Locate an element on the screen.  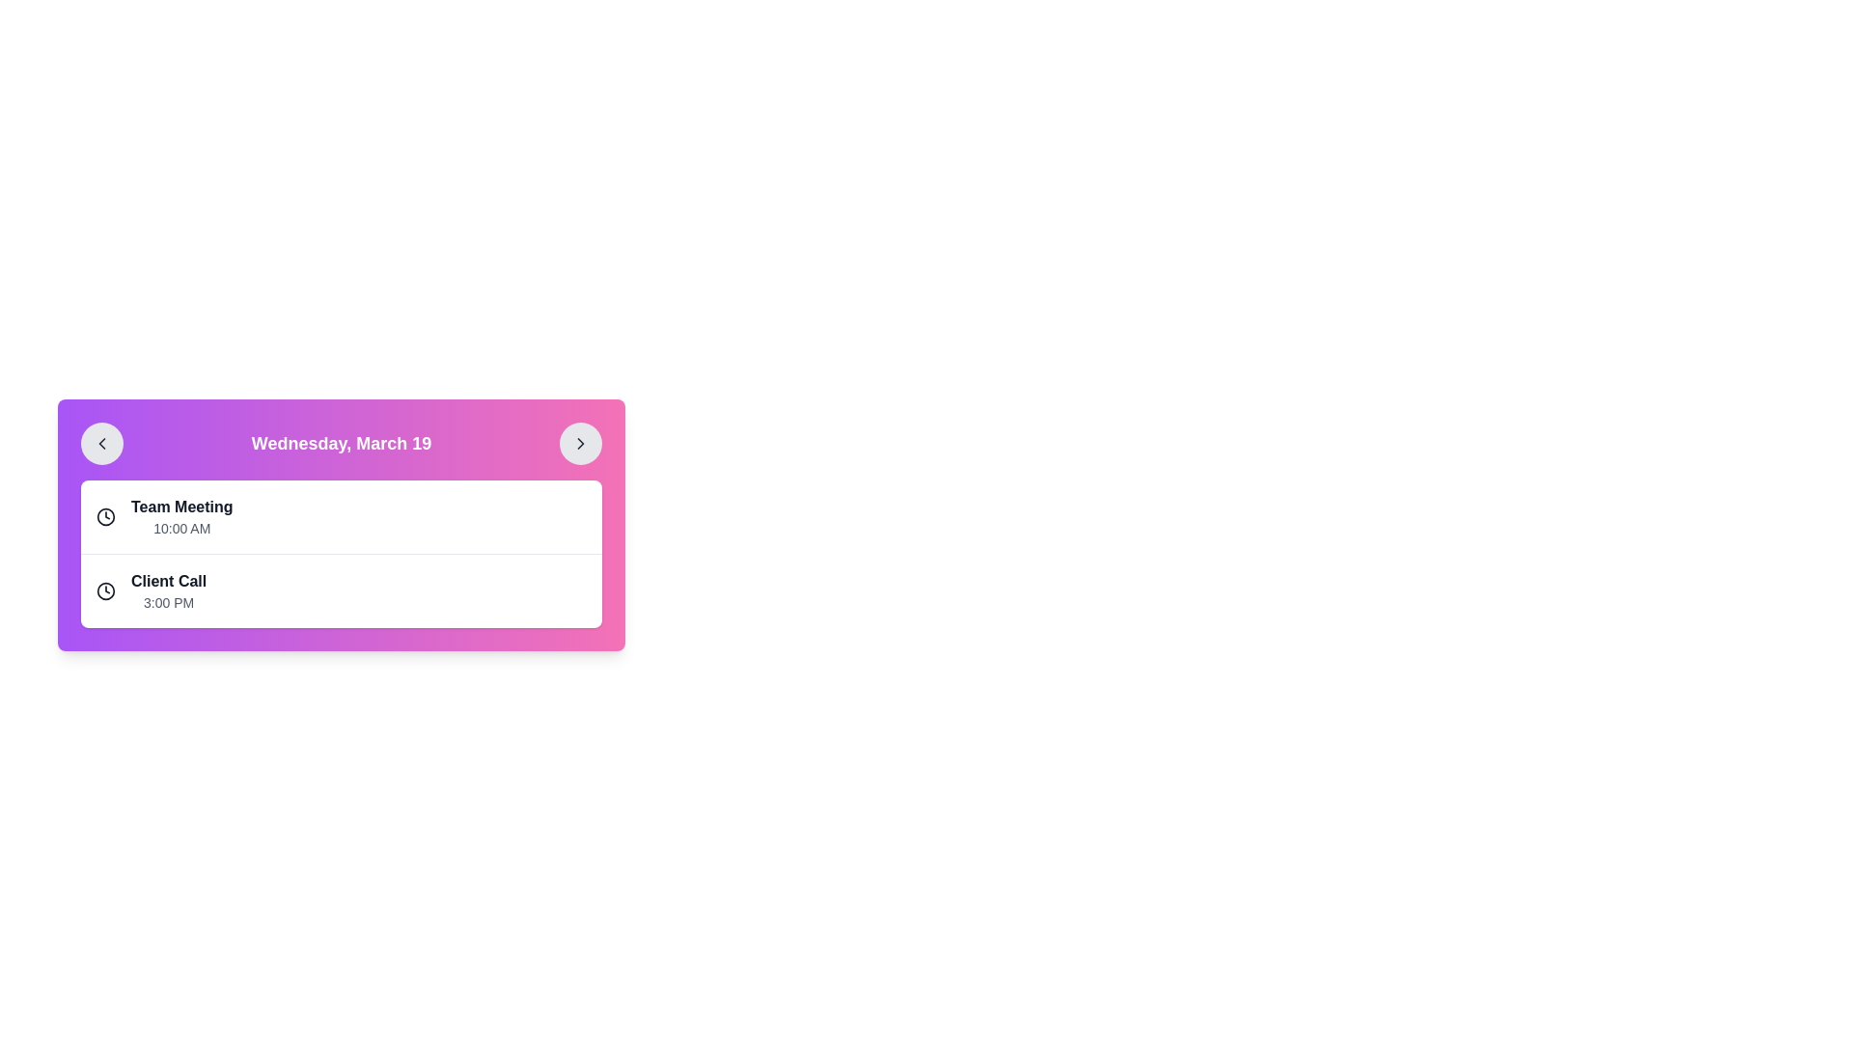
the chevron icon located on the right-hand side of a purple gradient-styled header bar is located at coordinates (579, 443).